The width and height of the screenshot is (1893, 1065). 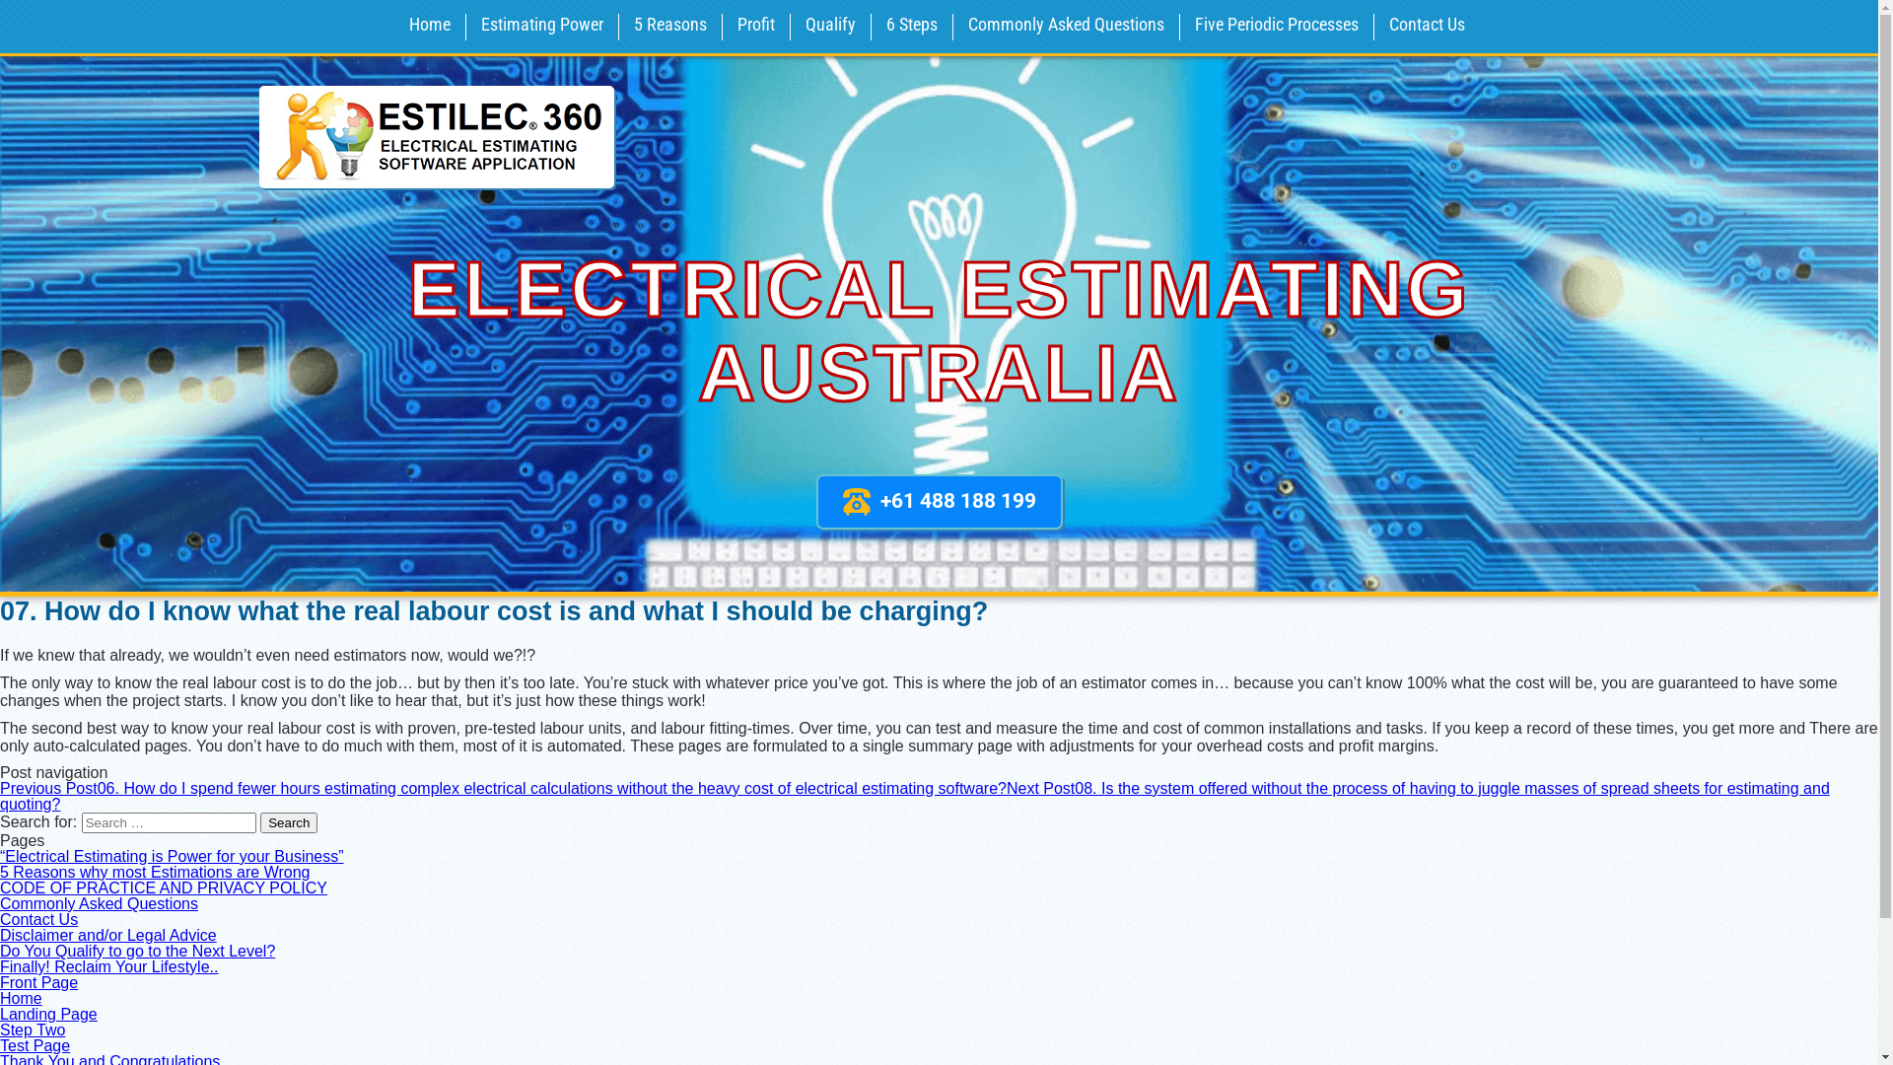 I want to click on 'Search', so click(x=287, y=822).